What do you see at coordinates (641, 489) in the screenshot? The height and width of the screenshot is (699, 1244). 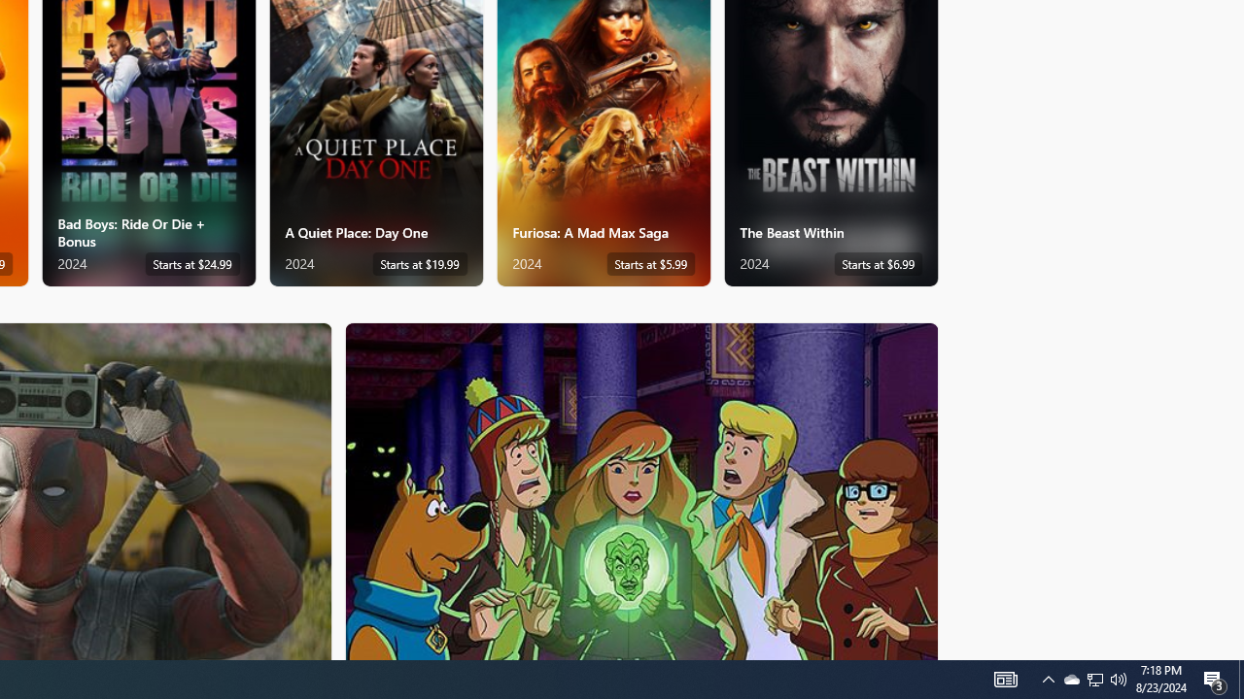 I see `'Family'` at bounding box center [641, 489].